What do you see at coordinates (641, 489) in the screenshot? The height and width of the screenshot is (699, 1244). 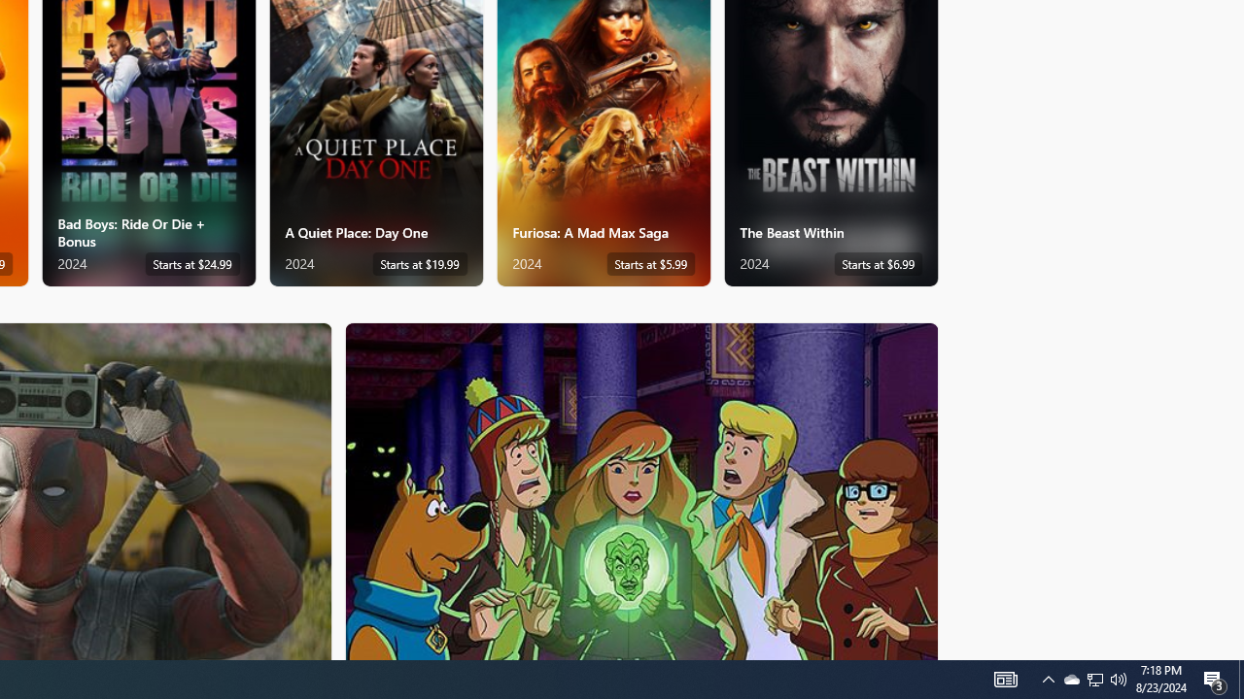 I see `'Family'` at bounding box center [641, 489].